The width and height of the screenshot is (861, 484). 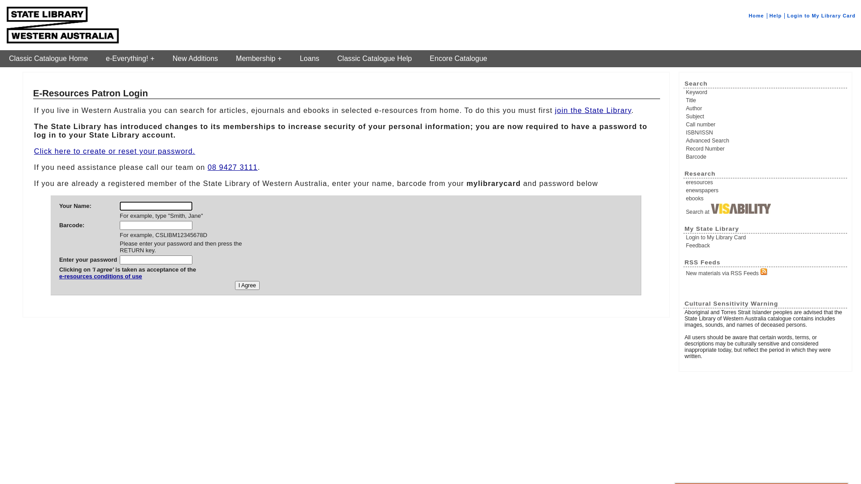 I want to click on 'Home', so click(x=755, y=15).